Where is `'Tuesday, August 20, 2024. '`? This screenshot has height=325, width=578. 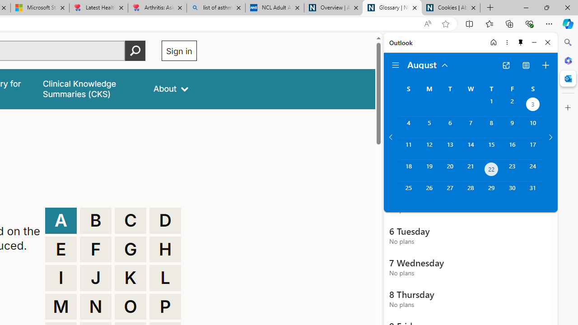 'Tuesday, August 20, 2024. ' is located at coordinates (450, 170).